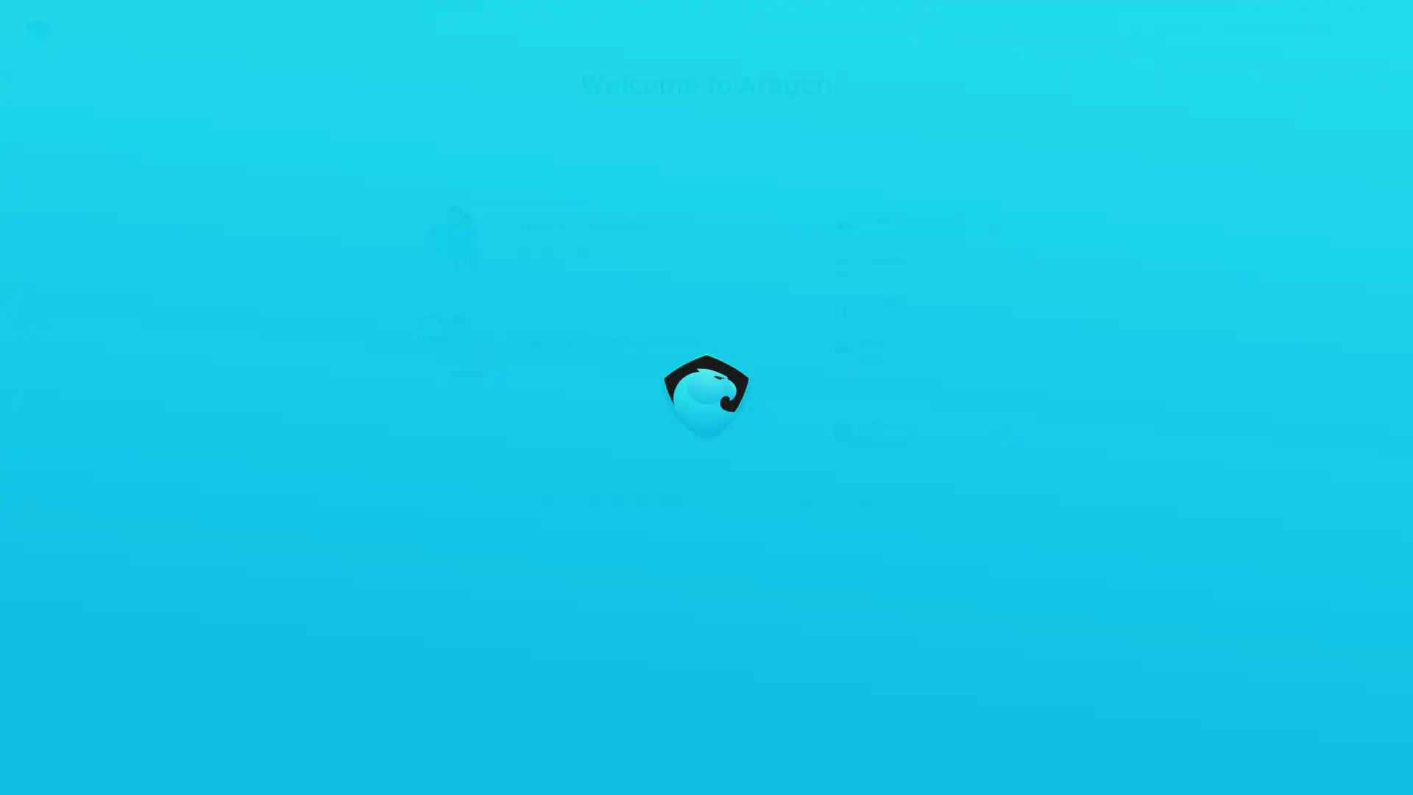 Image resolution: width=1413 pixels, height=795 pixels. Describe the element at coordinates (24, 24) in the screenshot. I see `Back to home` at that location.